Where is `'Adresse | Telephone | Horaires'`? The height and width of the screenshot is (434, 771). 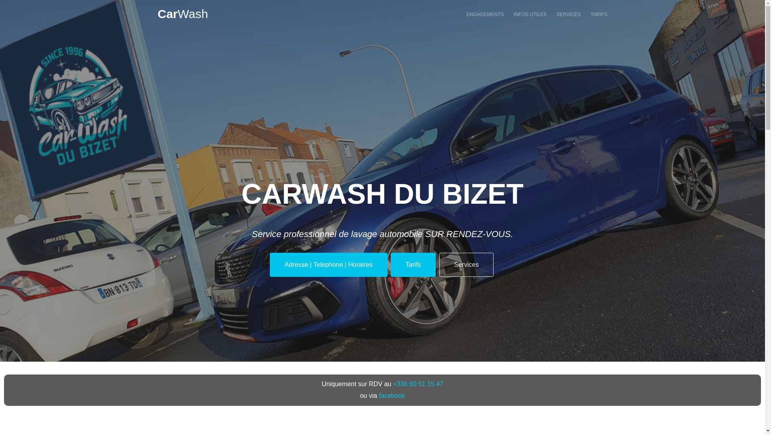
'Adresse | Telephone | Horaires' is located at coordinates (328, 264).